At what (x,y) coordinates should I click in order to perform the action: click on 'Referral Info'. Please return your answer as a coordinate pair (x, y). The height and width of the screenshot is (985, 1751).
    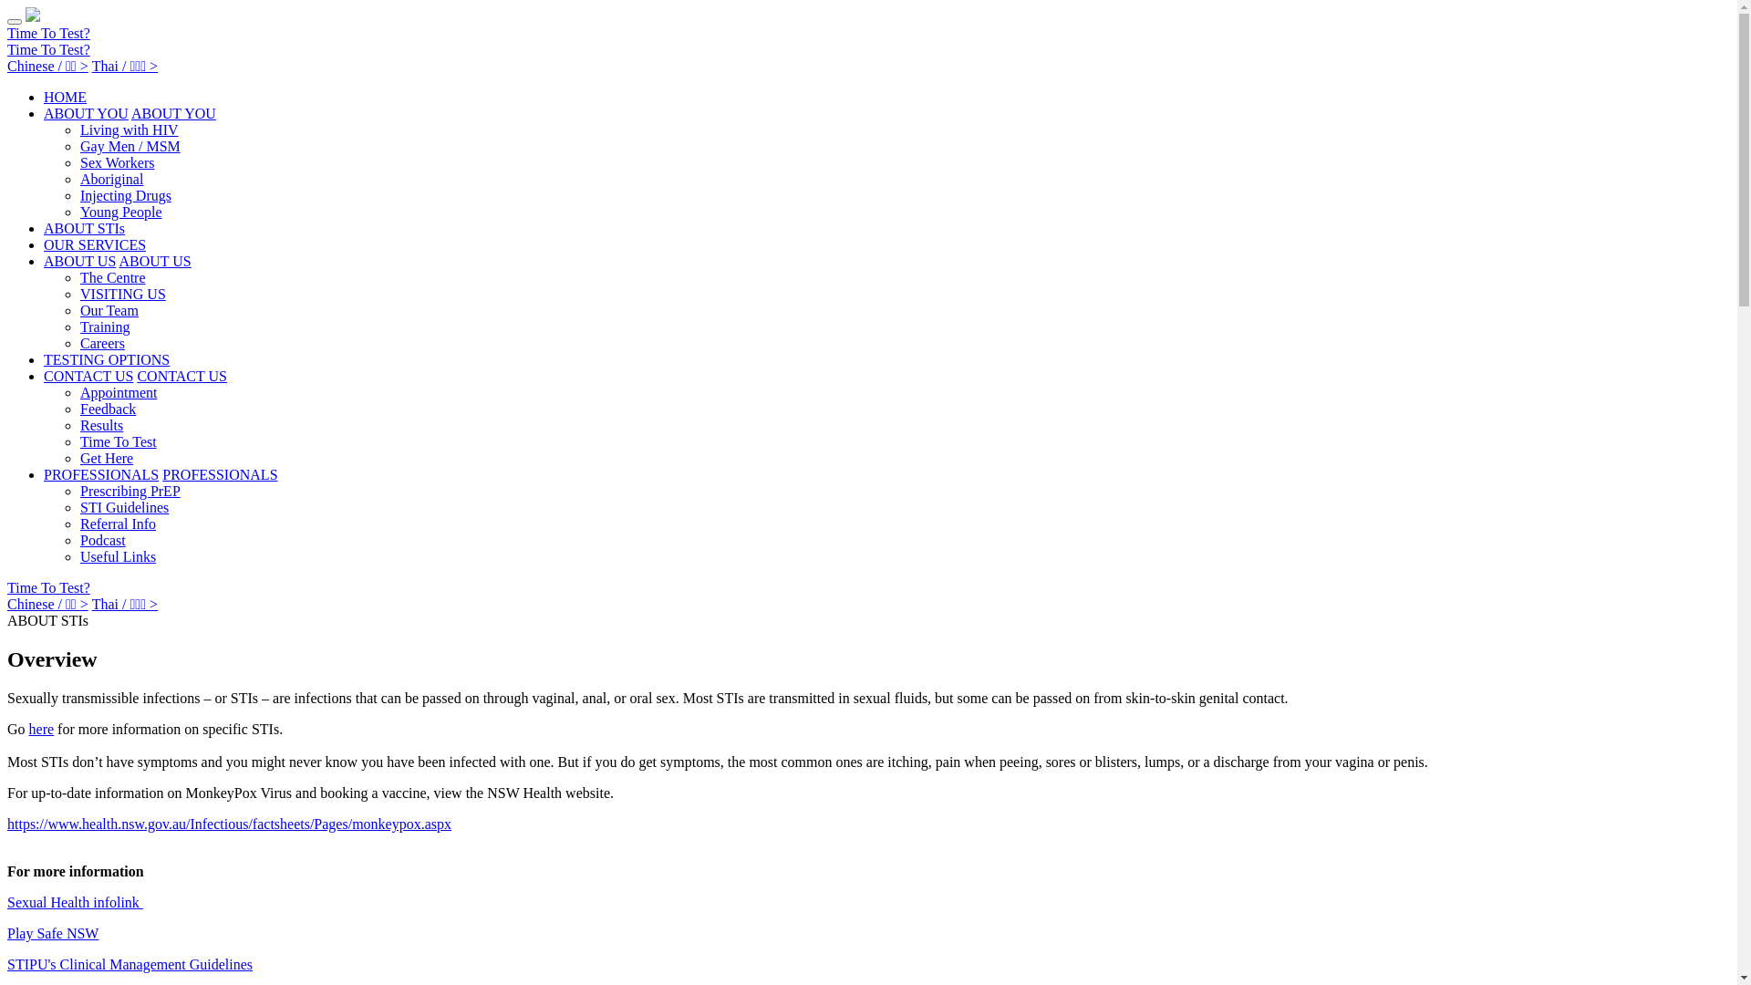
    Looking at the image, I should click on (117, 524).